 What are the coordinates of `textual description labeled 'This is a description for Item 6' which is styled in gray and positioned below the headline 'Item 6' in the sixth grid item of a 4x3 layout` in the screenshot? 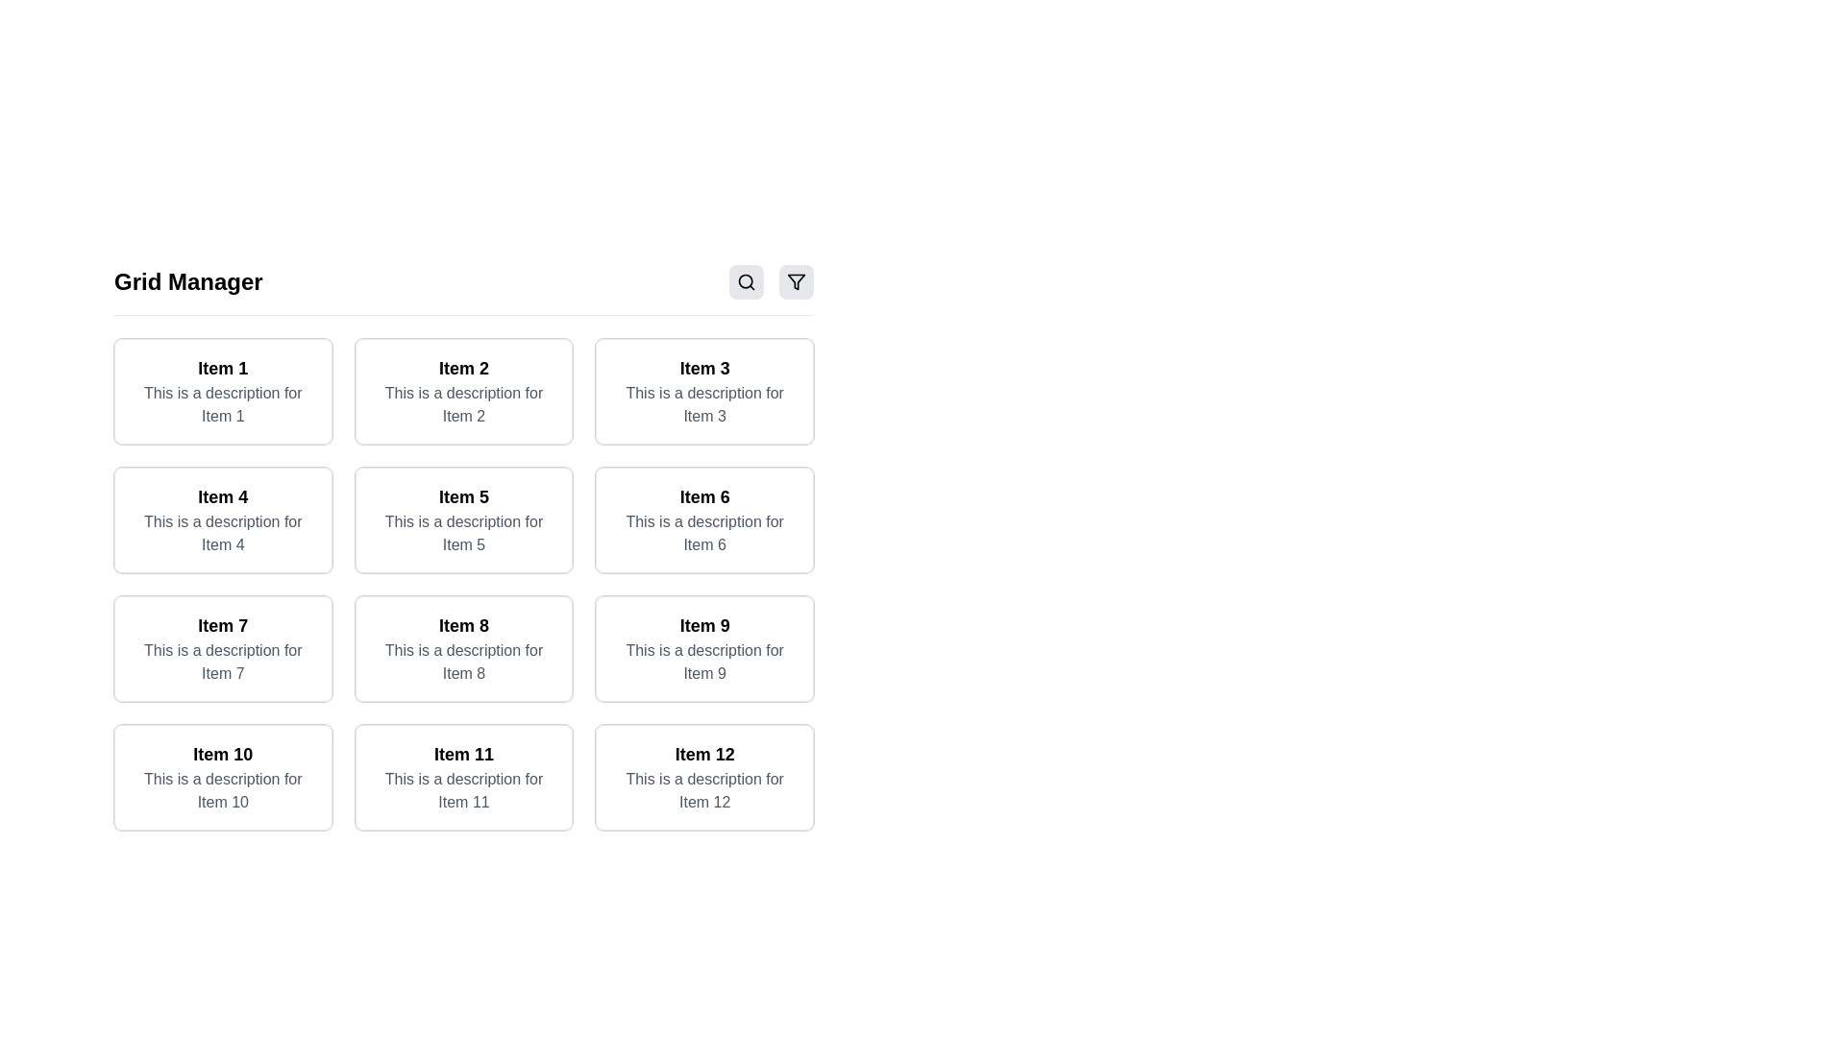 It's located at (703, 533).